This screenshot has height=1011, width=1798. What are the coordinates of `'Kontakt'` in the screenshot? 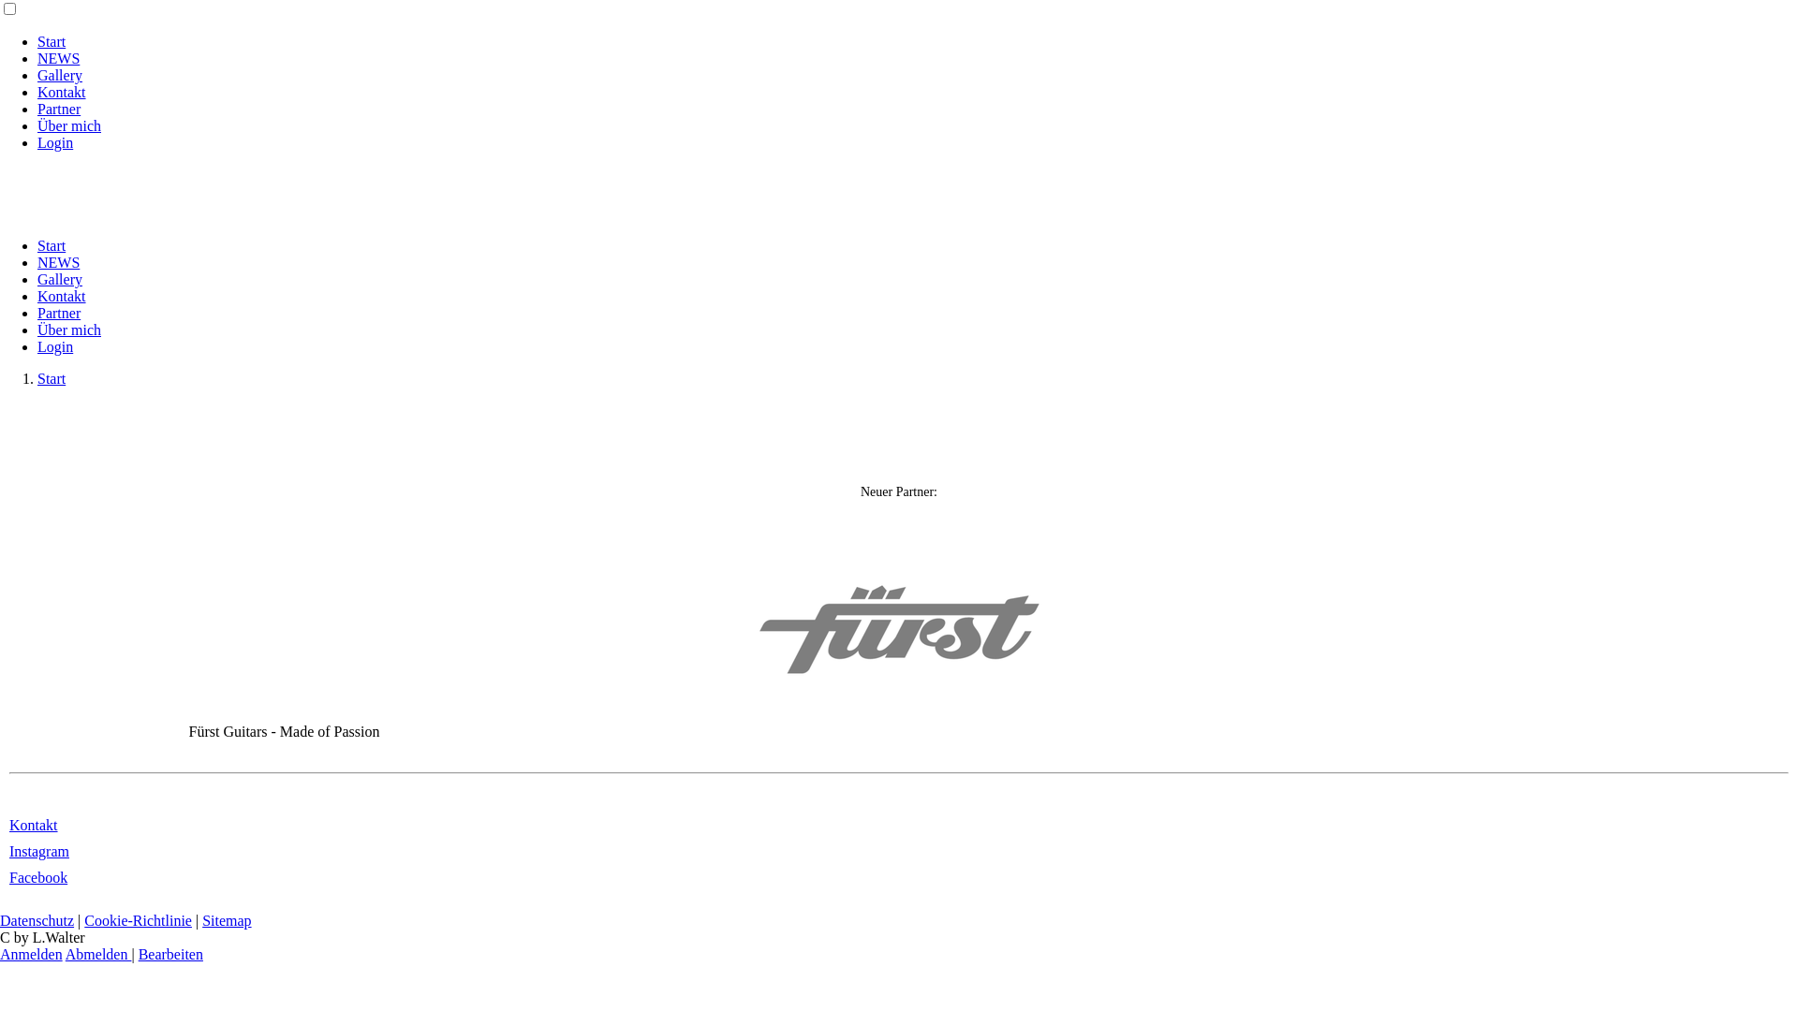 It's located at (62, 92).